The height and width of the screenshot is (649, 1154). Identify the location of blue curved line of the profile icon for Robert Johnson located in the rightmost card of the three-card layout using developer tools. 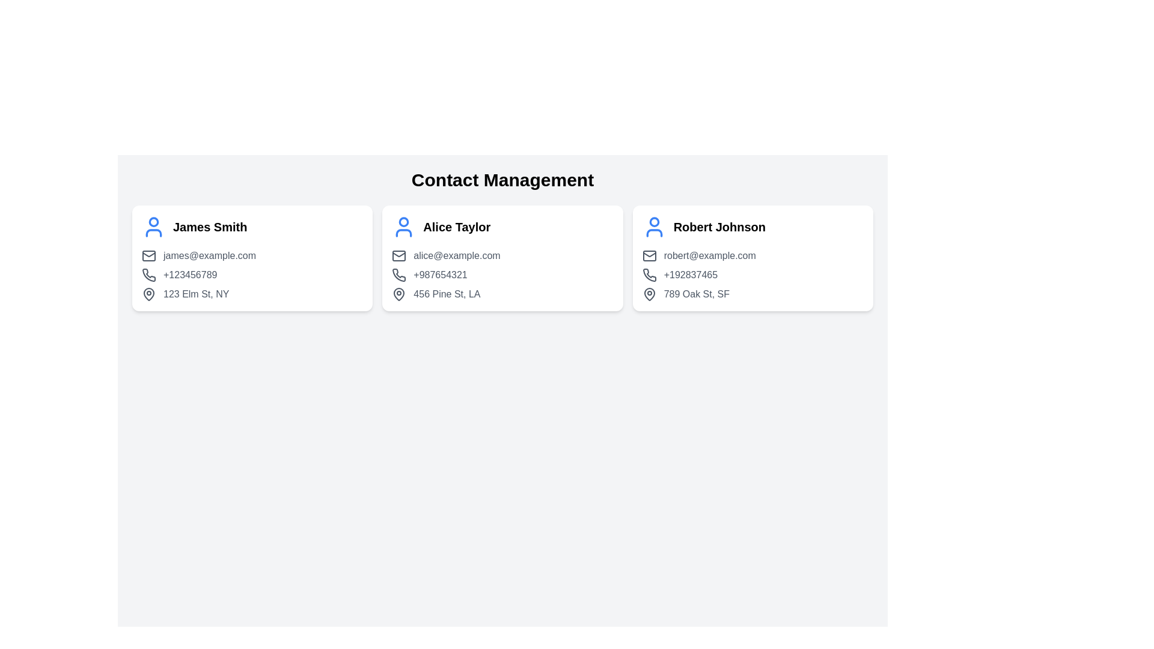
(653, 233).